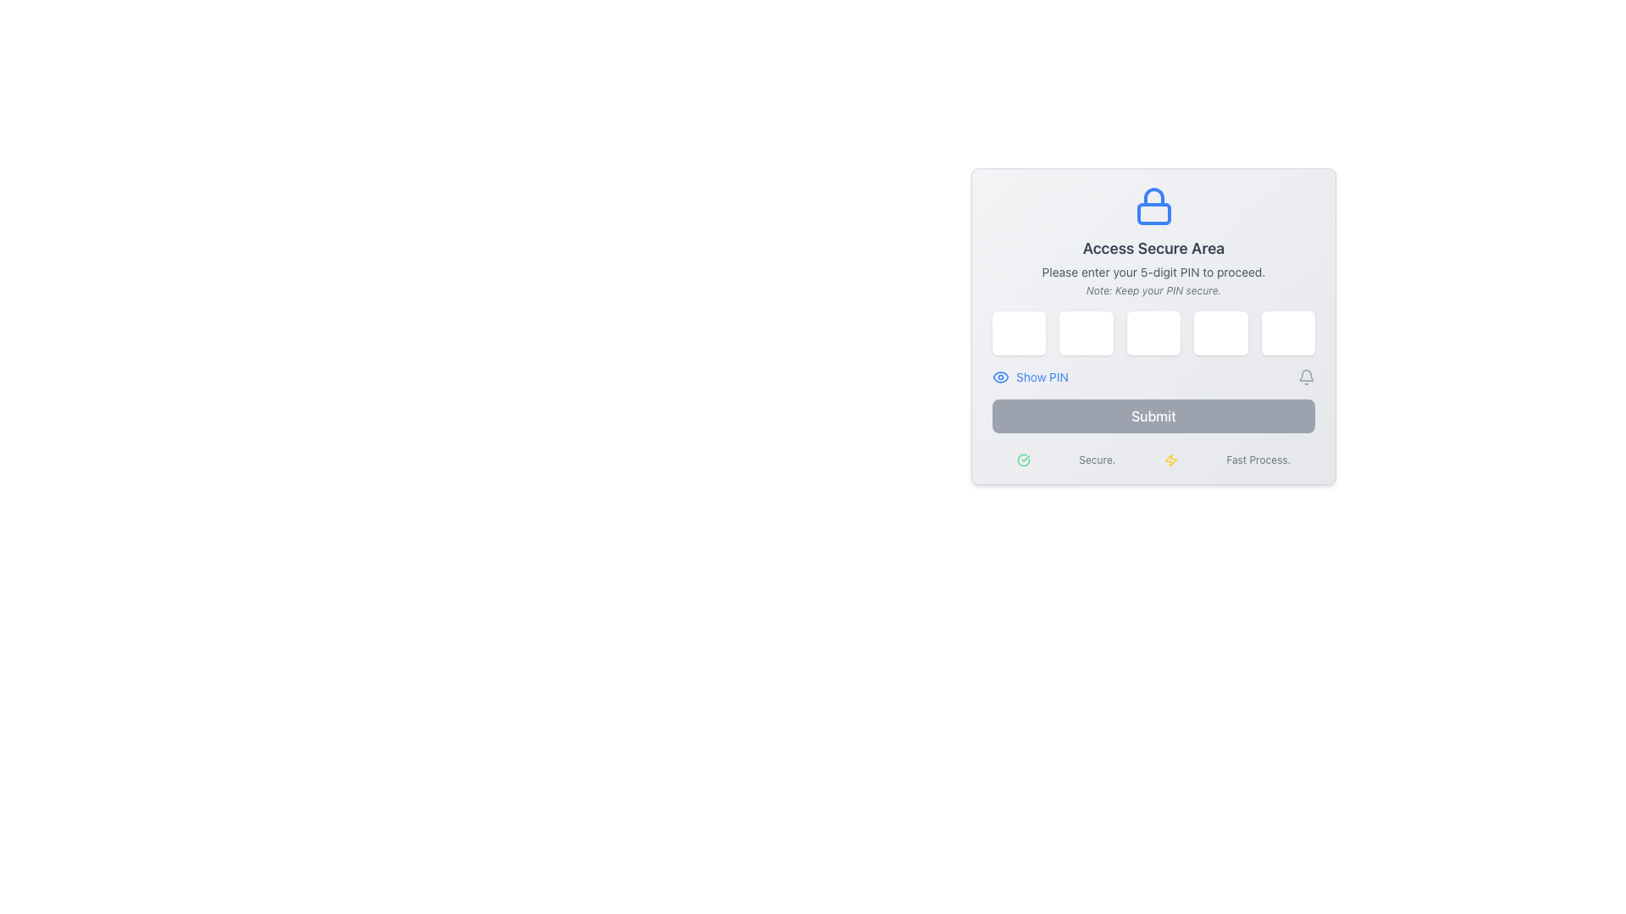  I want to click on the rectangular body of the lock icon located above the 'Access Secure Area' heading, so click(1153, 213).